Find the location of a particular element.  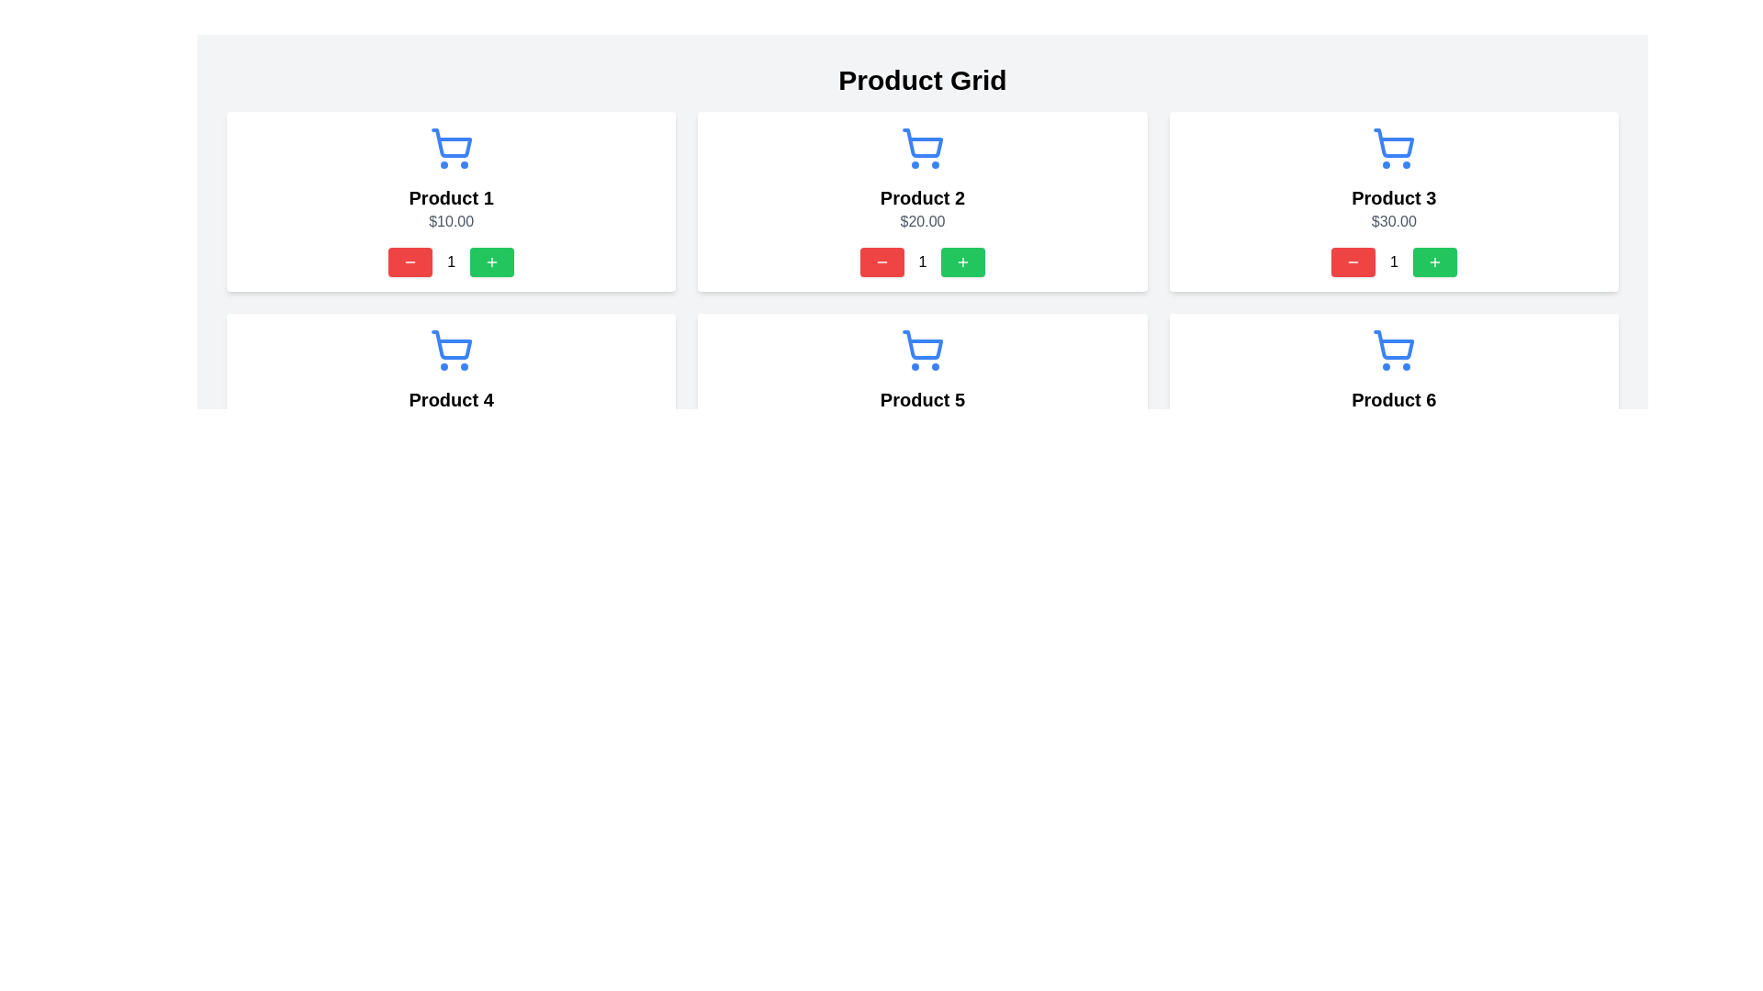

text label displaying '$20.00' located below the title 'Product 2' in the second product card is located at coordinates (922, 221).